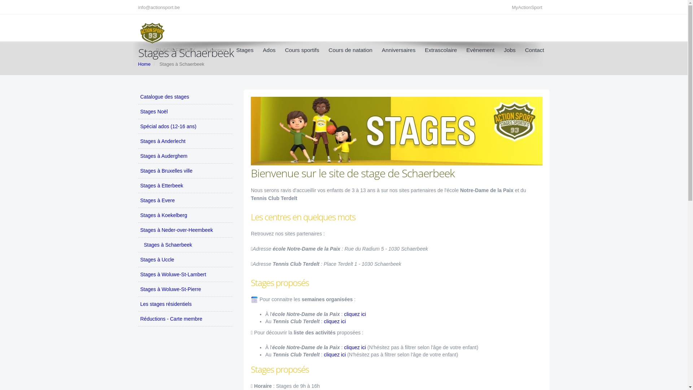 The height and width of the screenshot is (390, 693). Describe the element at coordinates (529, 7) in the screenshot. I see `'MyActionSport'` at that location.